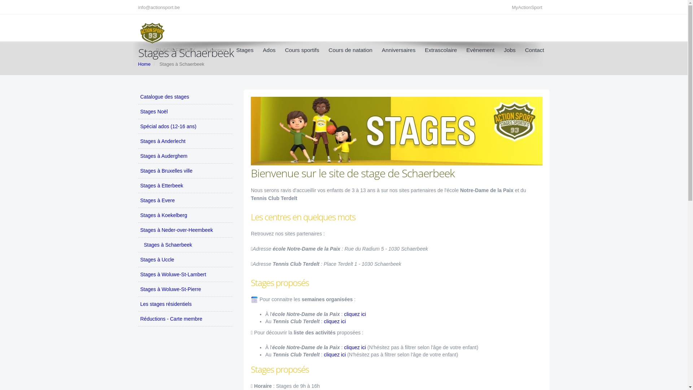 The height and width of the screenshot is (390, 693). Describe the element at coordinates (529, 7) in the screenshot. I see `'MyActionSport'` at that location.